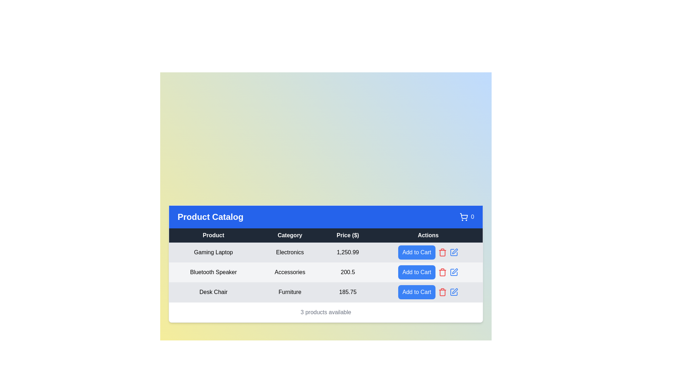  I want to click on the edit icon button, which is a small blue pencil icon in the Actions column of the product table, so click(453, 272).